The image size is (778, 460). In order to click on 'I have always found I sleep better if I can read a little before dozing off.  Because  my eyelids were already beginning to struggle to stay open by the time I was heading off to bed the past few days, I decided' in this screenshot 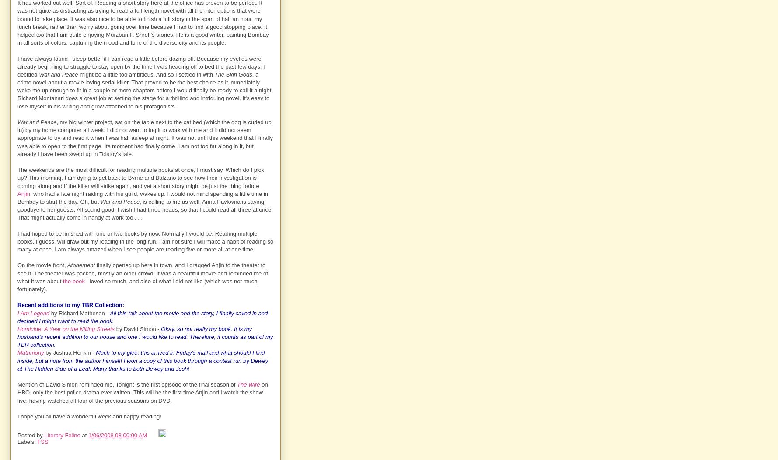, I will do `click(17, 66)`.